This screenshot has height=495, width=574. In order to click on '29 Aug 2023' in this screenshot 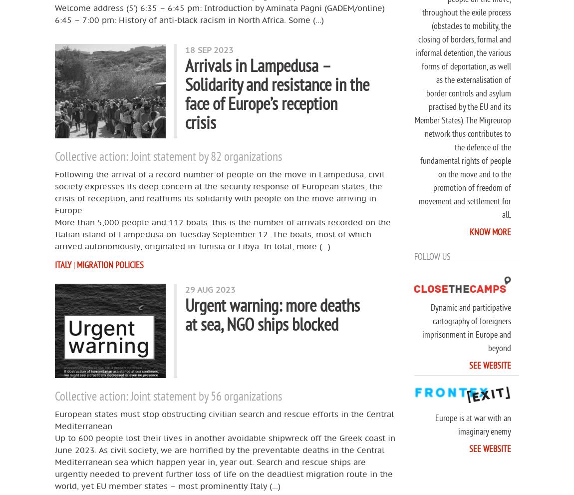, I will do `click(210, 289)`.